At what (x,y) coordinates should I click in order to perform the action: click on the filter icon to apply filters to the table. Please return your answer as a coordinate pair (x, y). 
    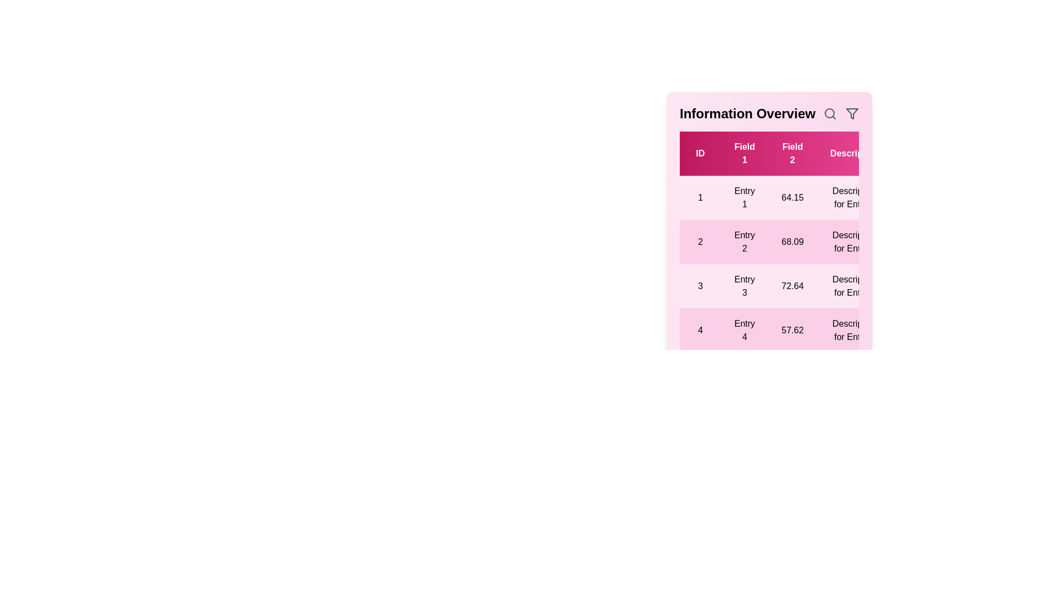
    Looking at the image, I should click on (851, 113).